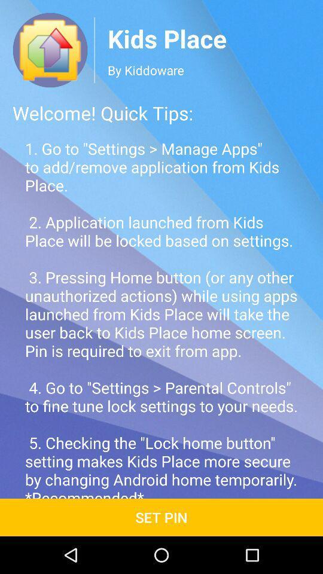 The image size is (323, 574). What do you see at coordinates (161, 517) in the screenshot?
I see `icon below the 1 go to` at bounding box center [161, 517].